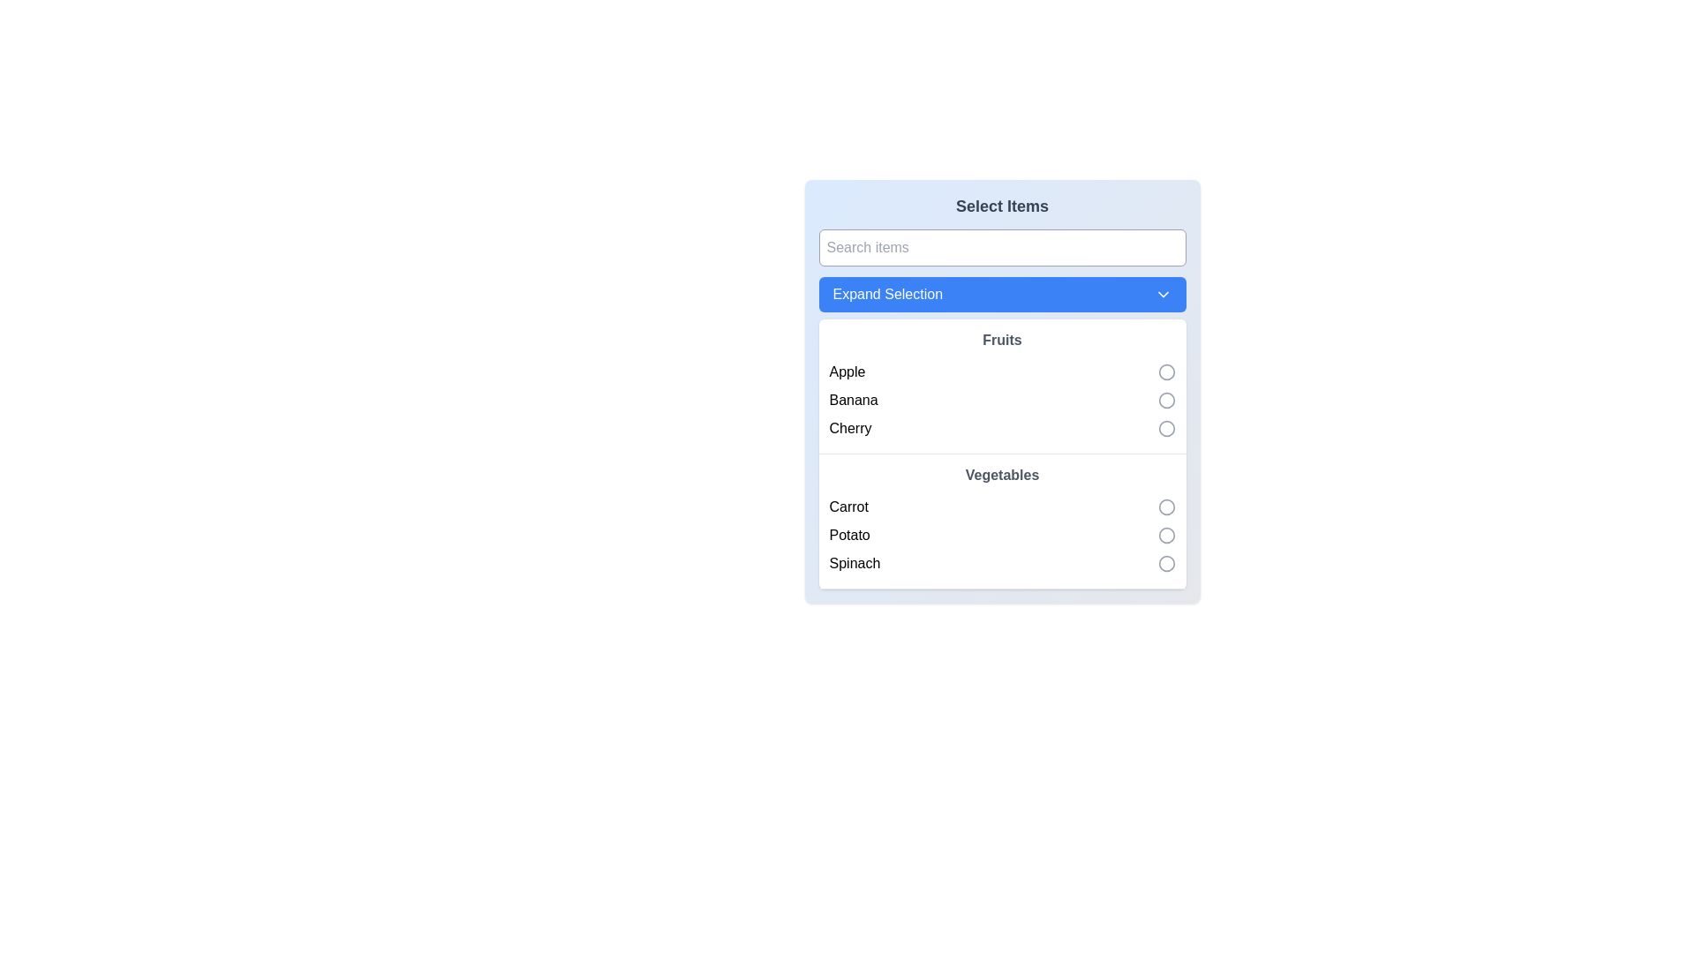  What do you see at coordinates (1002, 371) in the screenshot?
I see `the radio button` at bounding box center [1002, 371].